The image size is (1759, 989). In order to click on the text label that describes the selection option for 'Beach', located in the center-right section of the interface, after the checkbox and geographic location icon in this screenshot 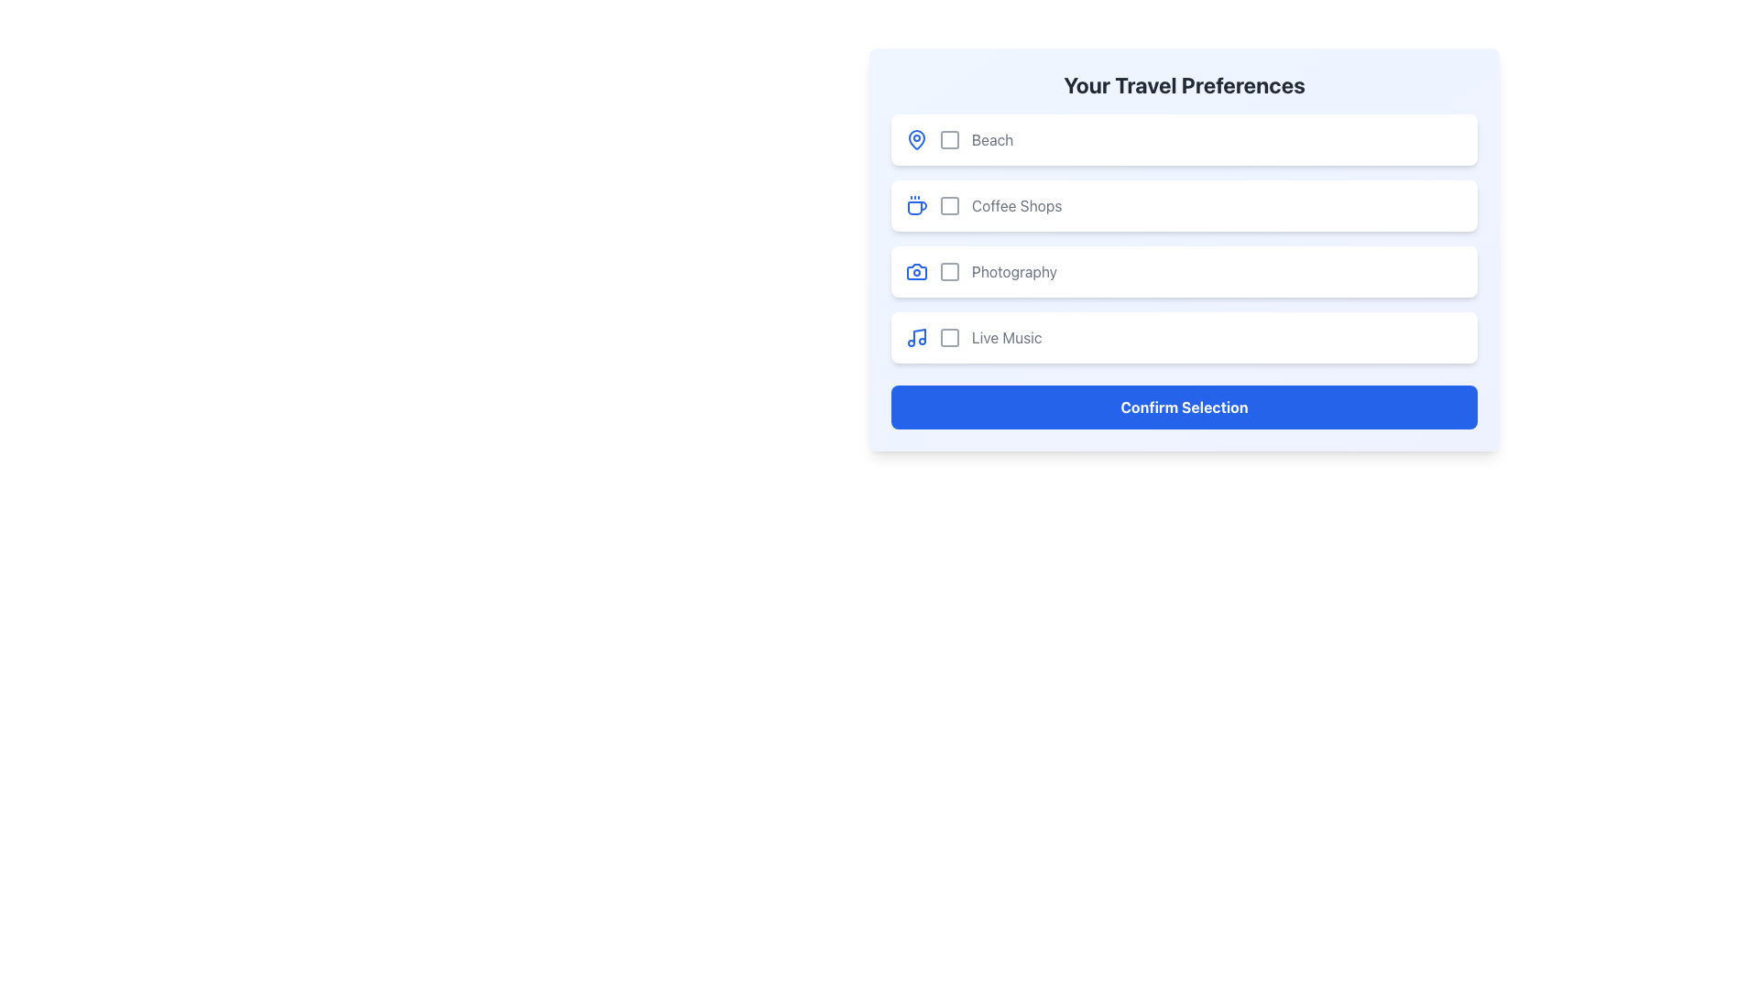, I will do `click(991, 139)`.